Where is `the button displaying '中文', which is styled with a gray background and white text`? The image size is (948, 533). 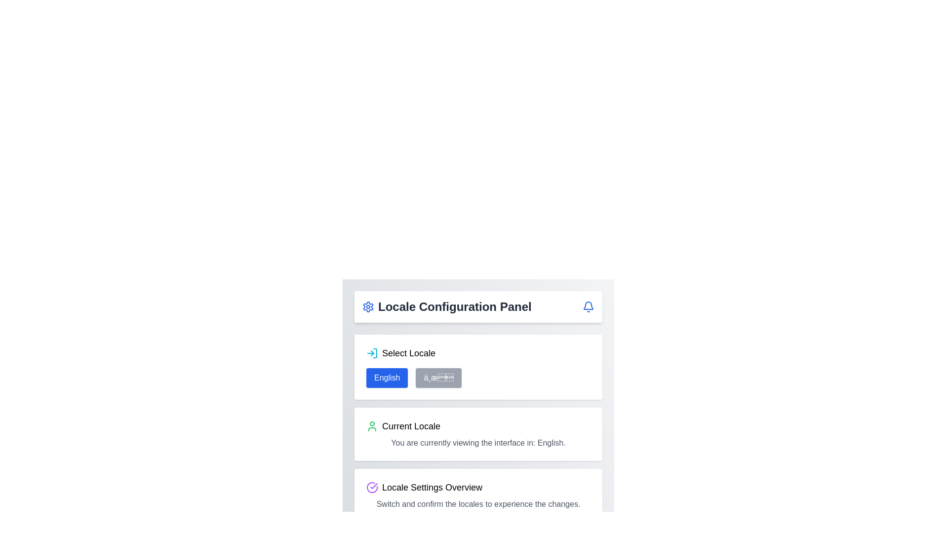 the button displaying '中文', which is styled with a gray background and white text is located at coordinates (438, 378).